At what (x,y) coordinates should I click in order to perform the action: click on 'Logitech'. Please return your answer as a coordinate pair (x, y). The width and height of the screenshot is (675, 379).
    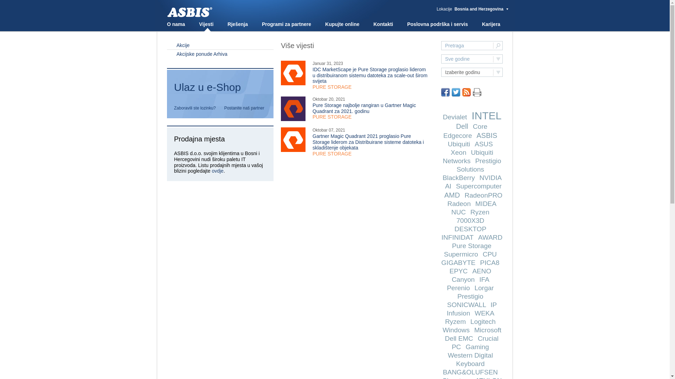
    Looking at the image, I should click on (482, 321).